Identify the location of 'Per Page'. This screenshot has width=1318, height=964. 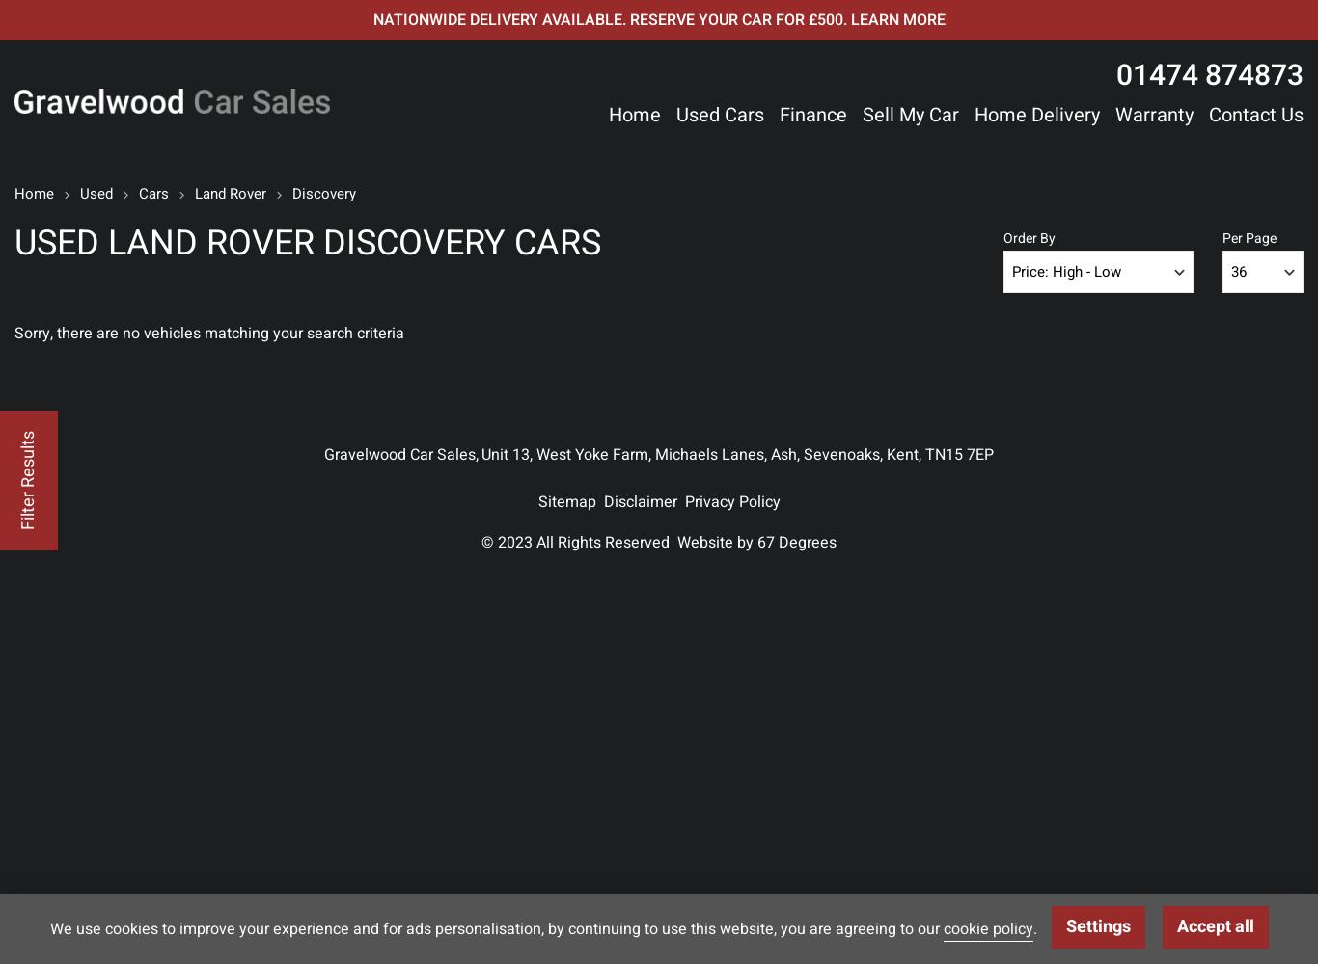
(1248, 237).